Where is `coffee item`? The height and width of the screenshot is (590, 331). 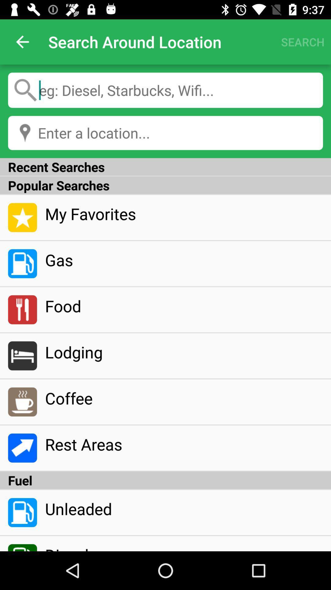 coffee item is located at coordinates (184, 398).